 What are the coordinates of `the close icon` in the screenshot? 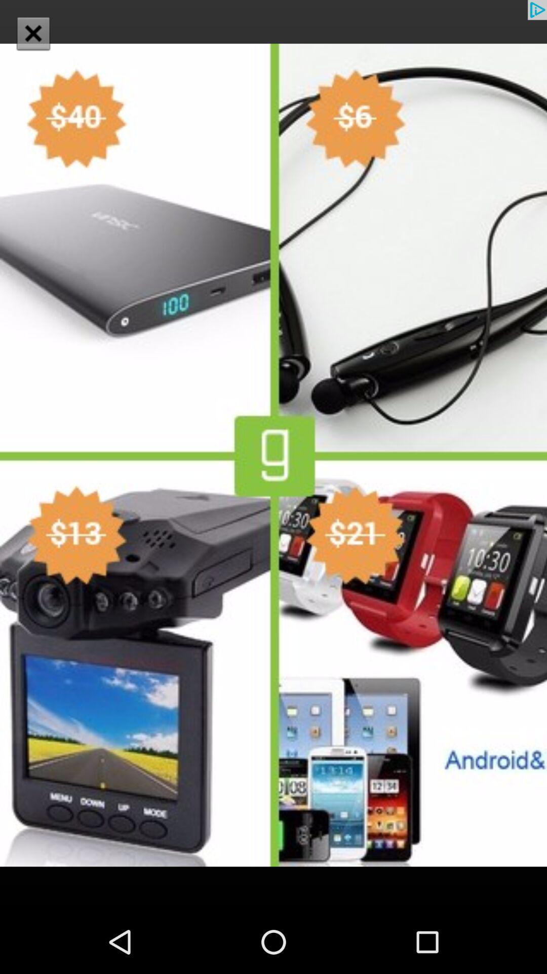 It's located at (32, 36).